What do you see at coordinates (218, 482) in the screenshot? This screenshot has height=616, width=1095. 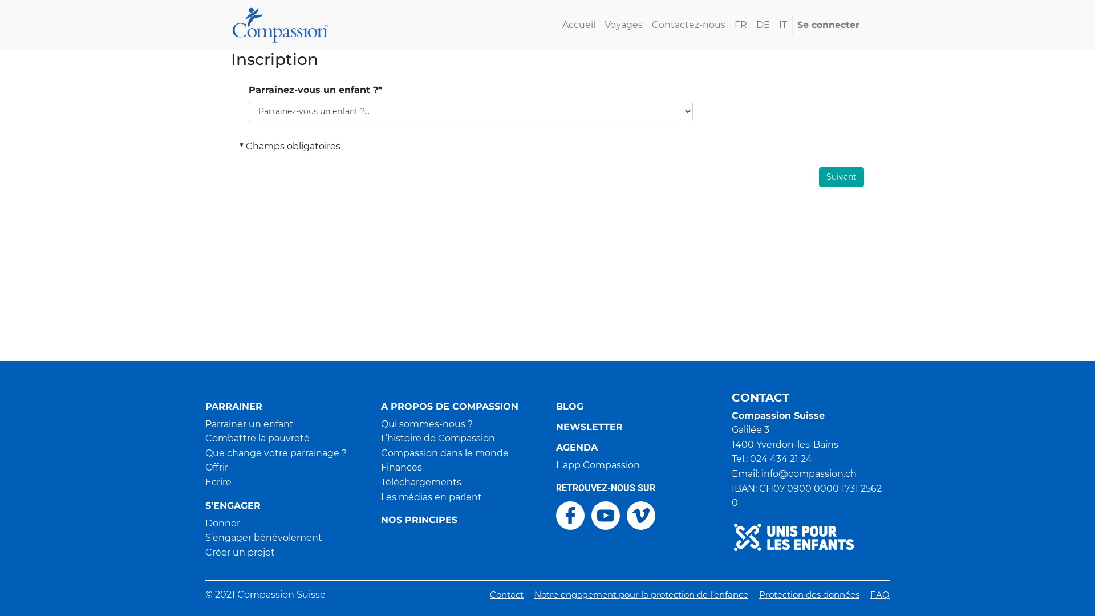 I see `'Ecrire'` at bounding box center [218, 482].